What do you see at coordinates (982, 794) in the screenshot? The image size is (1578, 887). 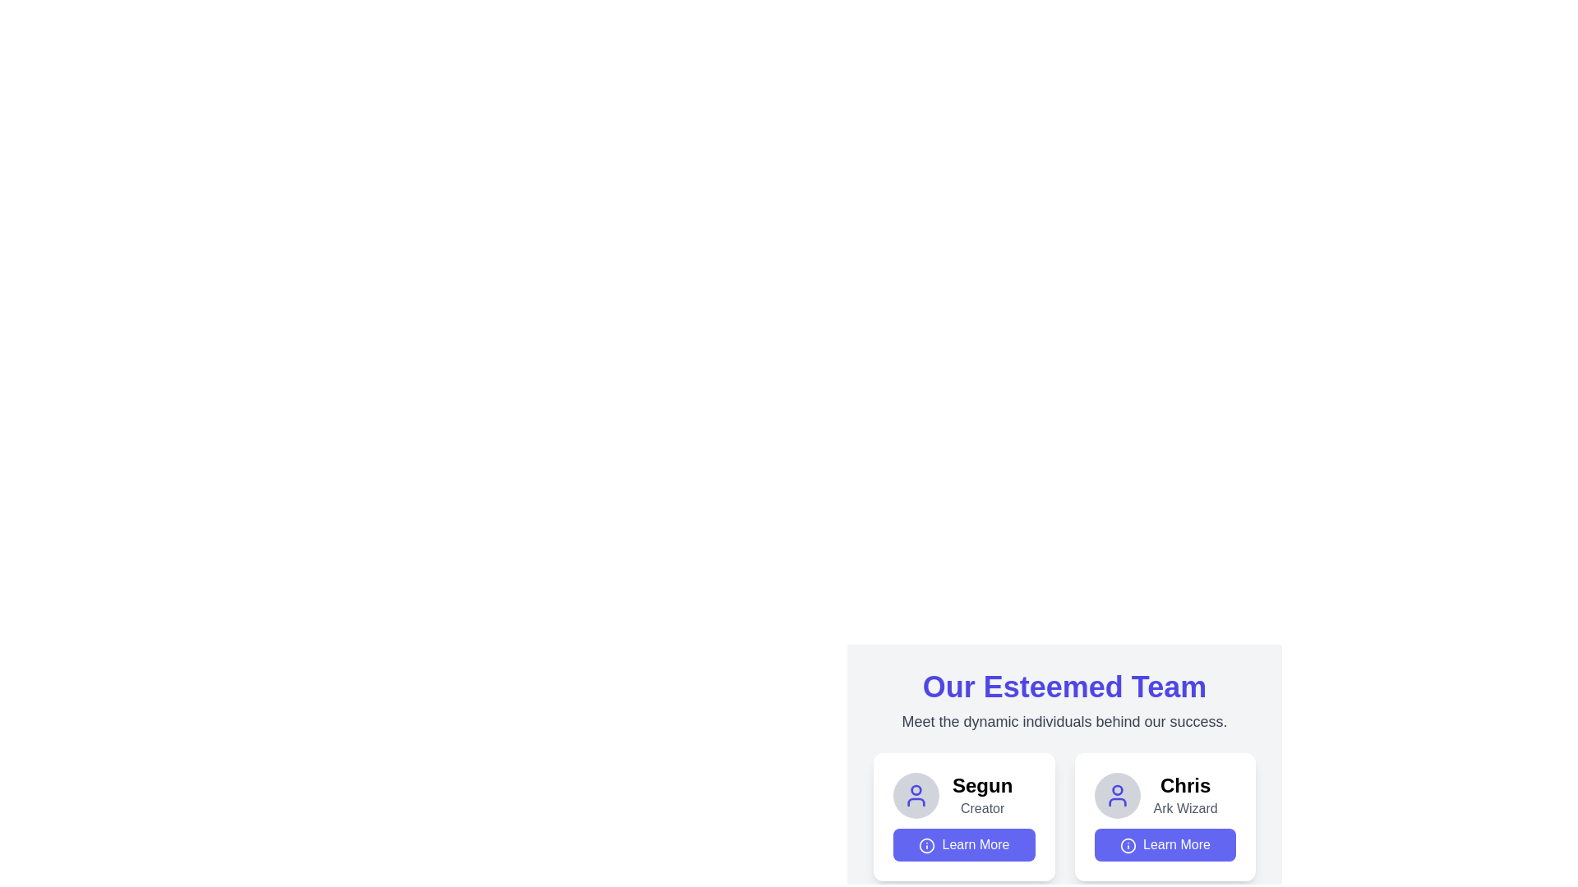 I see `the Text display area that shows the name and role (Creator) of Segun, located in the center-right of the presentation card in the 'Our Esteemed Team' section` at bounding box center [982, 794].